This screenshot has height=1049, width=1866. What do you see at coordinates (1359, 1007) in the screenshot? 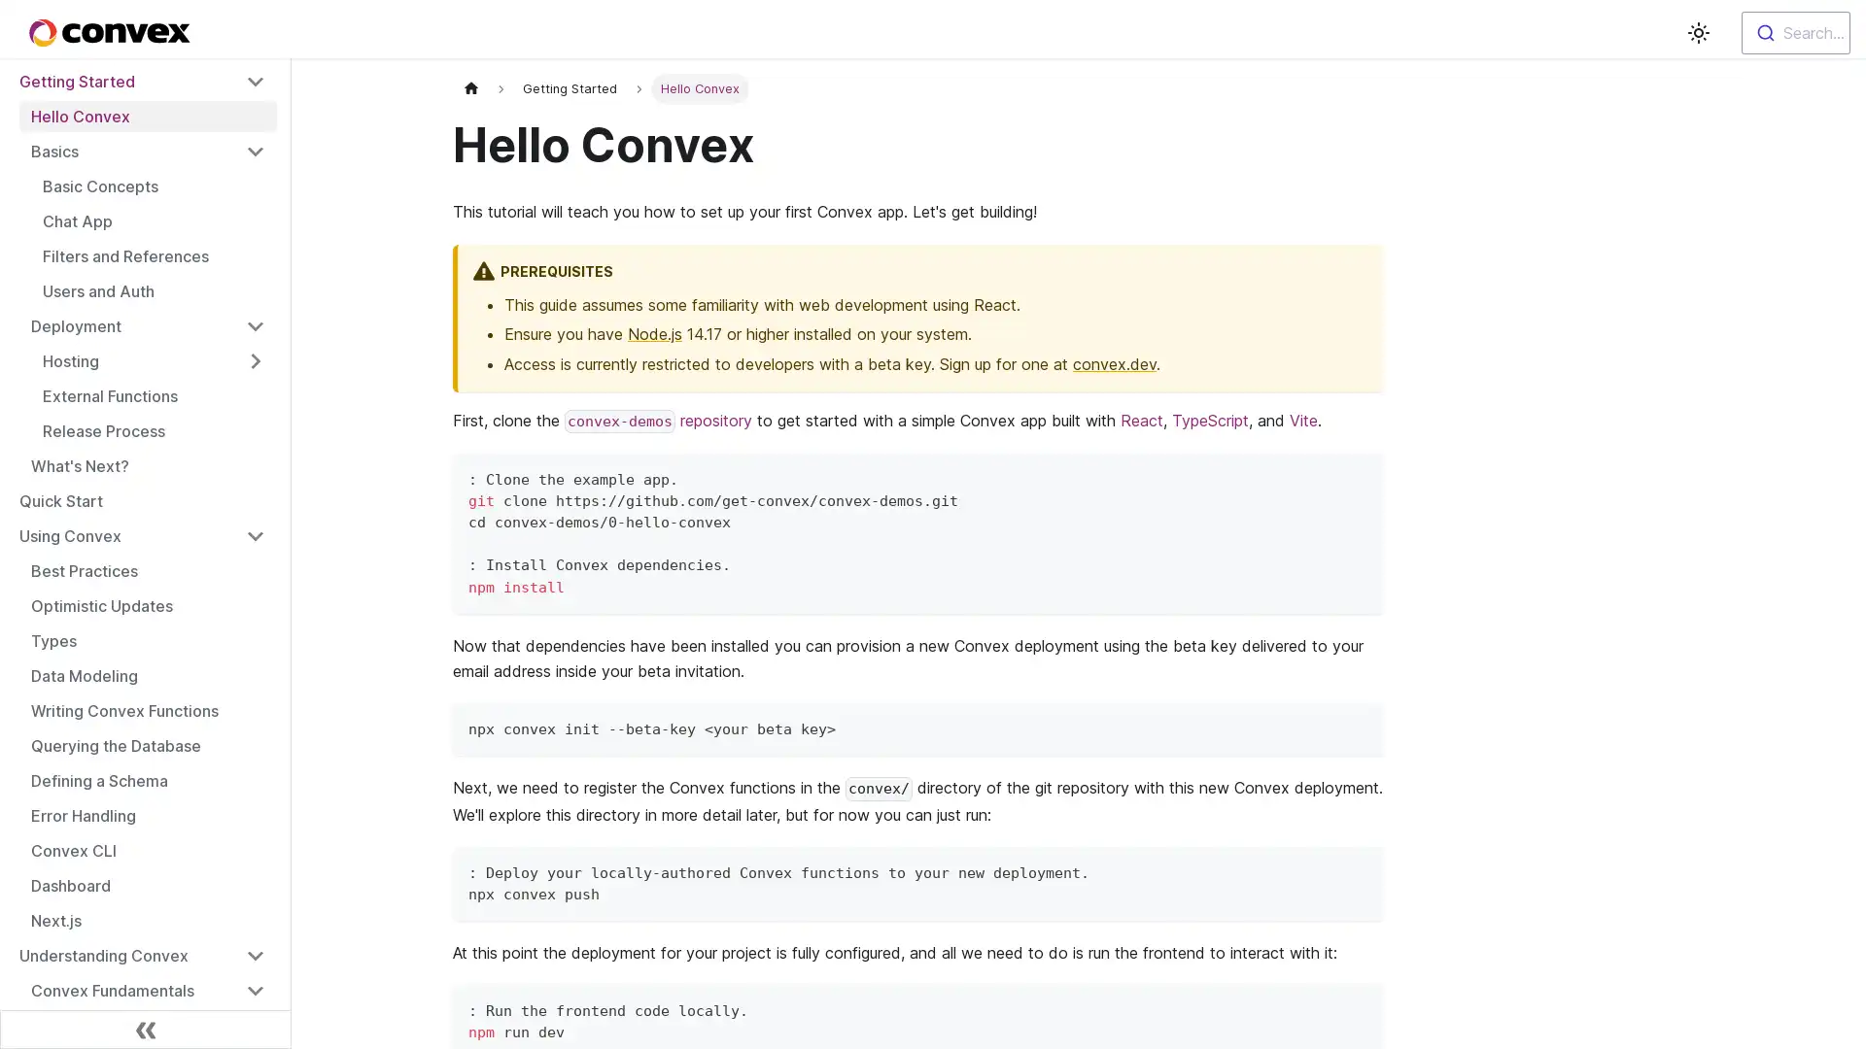
I see `Copy code to clipboard` at bounding box center [1359, 1007].